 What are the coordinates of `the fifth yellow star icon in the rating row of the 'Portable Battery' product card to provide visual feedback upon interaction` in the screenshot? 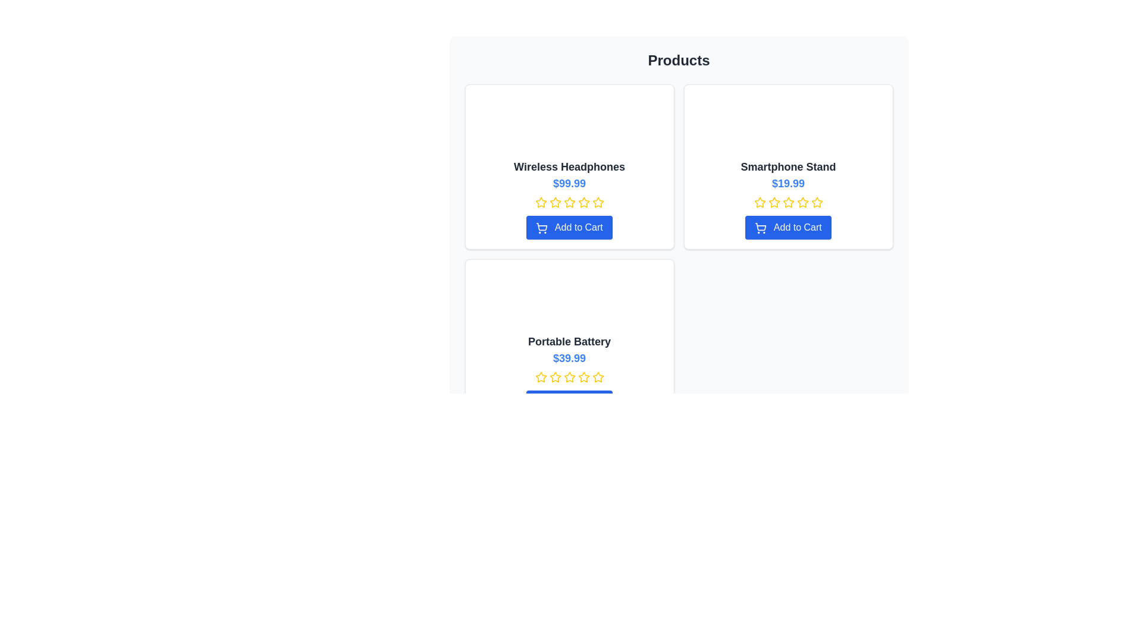 It's located at (598, 377).